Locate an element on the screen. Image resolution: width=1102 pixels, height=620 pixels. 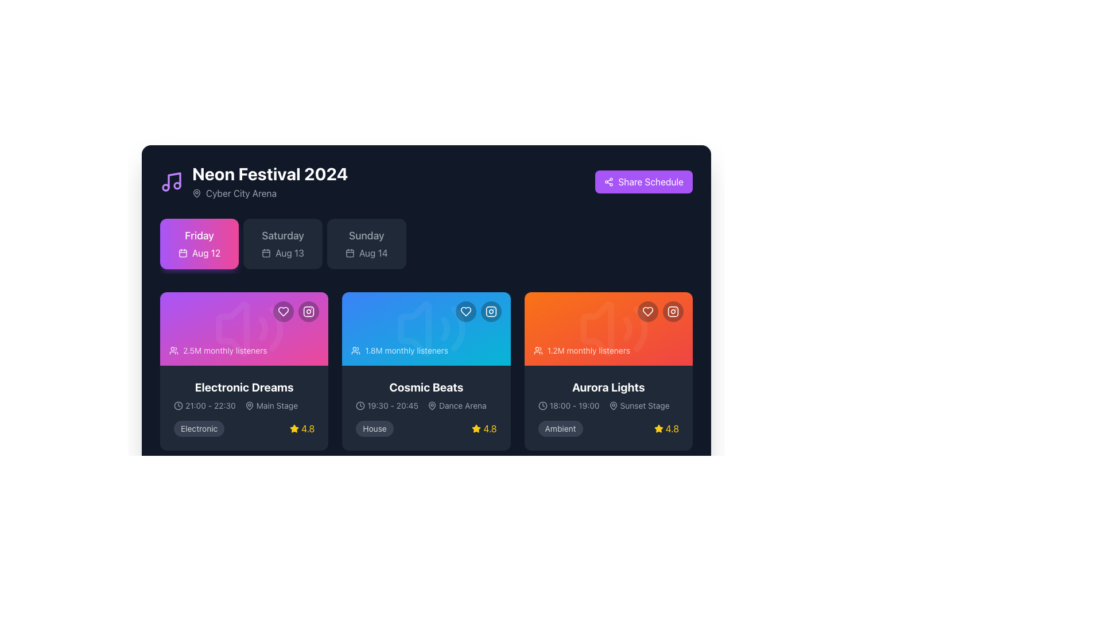
the heart-shaped button with a bright pink fill is located at coordinates (284, 312).